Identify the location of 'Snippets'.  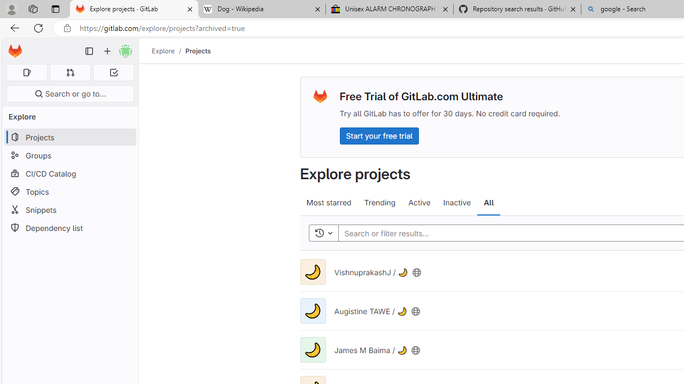
(69, 210).